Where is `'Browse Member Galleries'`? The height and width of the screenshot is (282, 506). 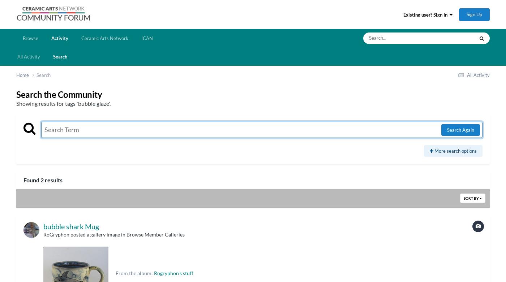 'Browse Member Galleries' is located at coordinates (155, 234).